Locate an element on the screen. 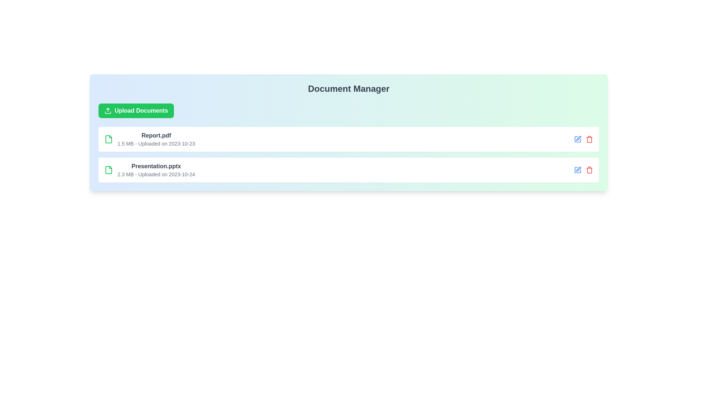 The width and height of the screenshot is (703, 395). the text label displaying the file name 'Report.pdf', which is positioned to the right of a green document icon and shows the file size '1.5 MB' and the upload date '2023-10-23' is located at coordinates (156, 139).